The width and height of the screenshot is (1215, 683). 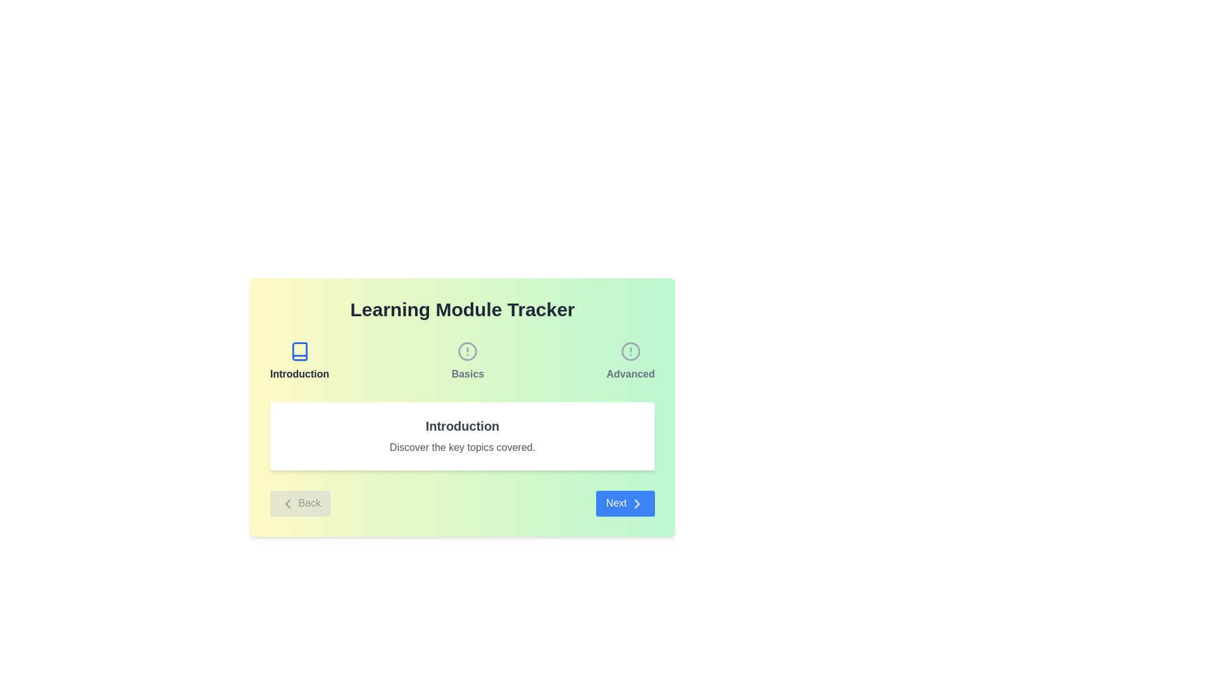 I want to click on the leftmost button that enables users, so click(x=300, y=503).